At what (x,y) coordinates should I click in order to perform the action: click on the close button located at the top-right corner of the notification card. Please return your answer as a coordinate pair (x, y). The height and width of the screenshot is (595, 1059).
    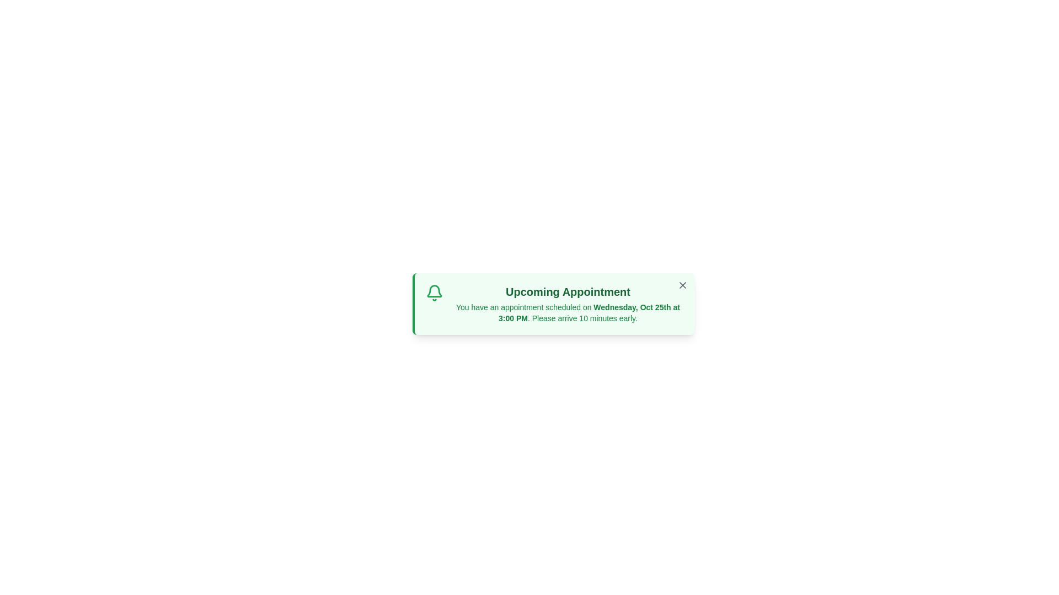
    Looking at the image, I should click on (682, 284).